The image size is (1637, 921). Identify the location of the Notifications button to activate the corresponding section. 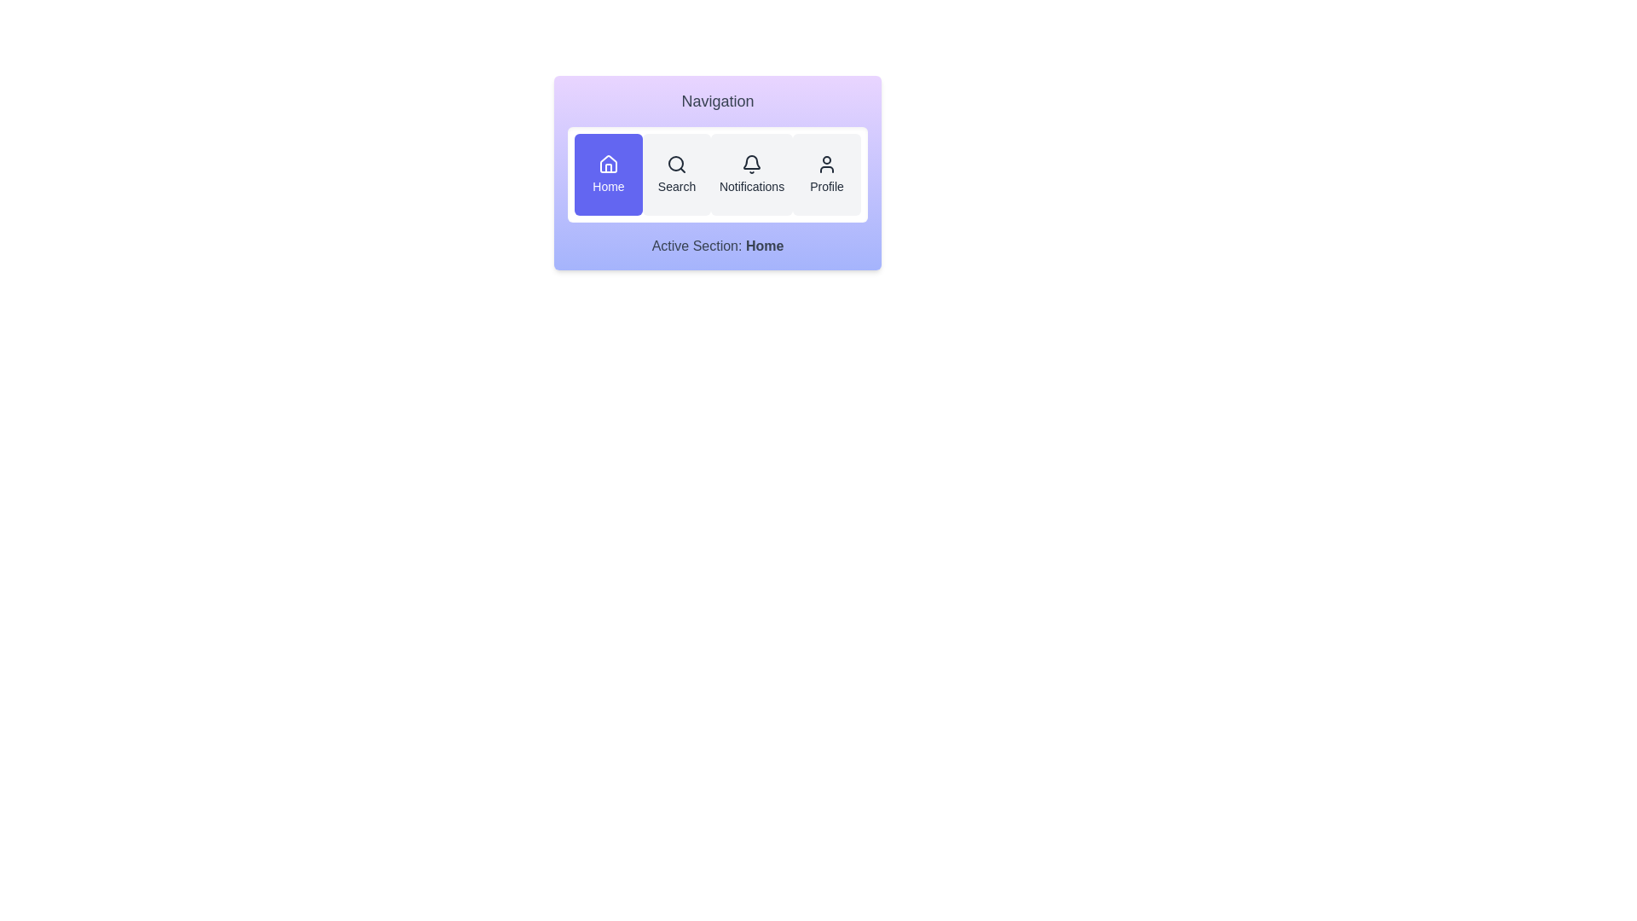
(751, 174).